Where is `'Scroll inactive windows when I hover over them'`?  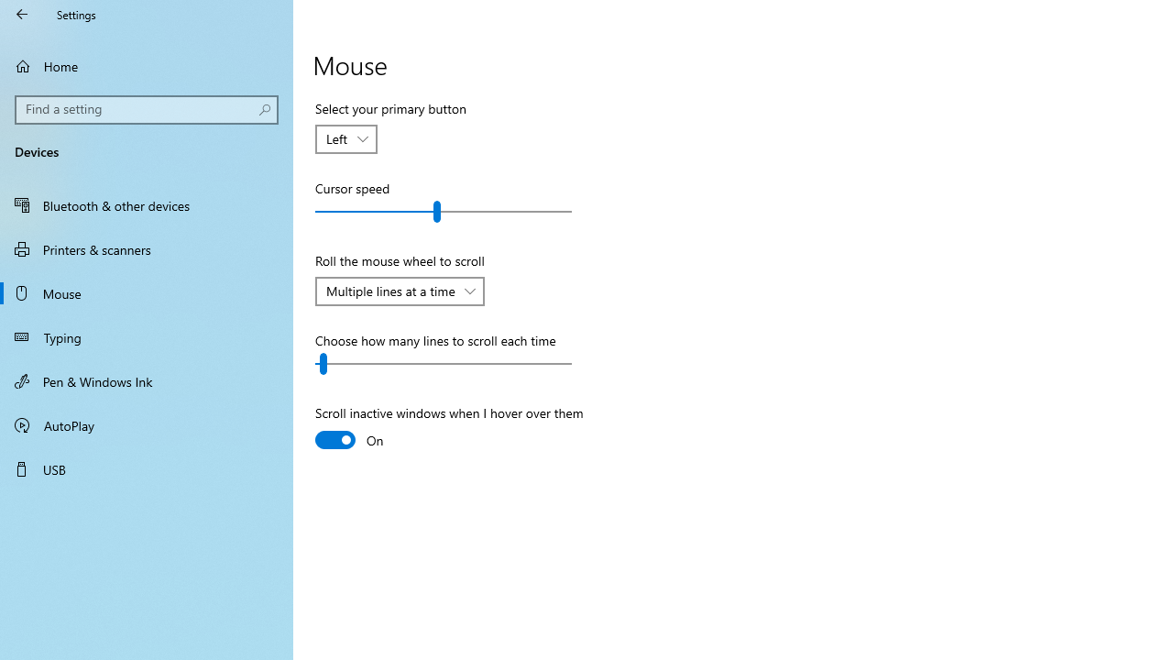
'Scroll inactive windows when I hover over them' is located at coordinates (449, 429).